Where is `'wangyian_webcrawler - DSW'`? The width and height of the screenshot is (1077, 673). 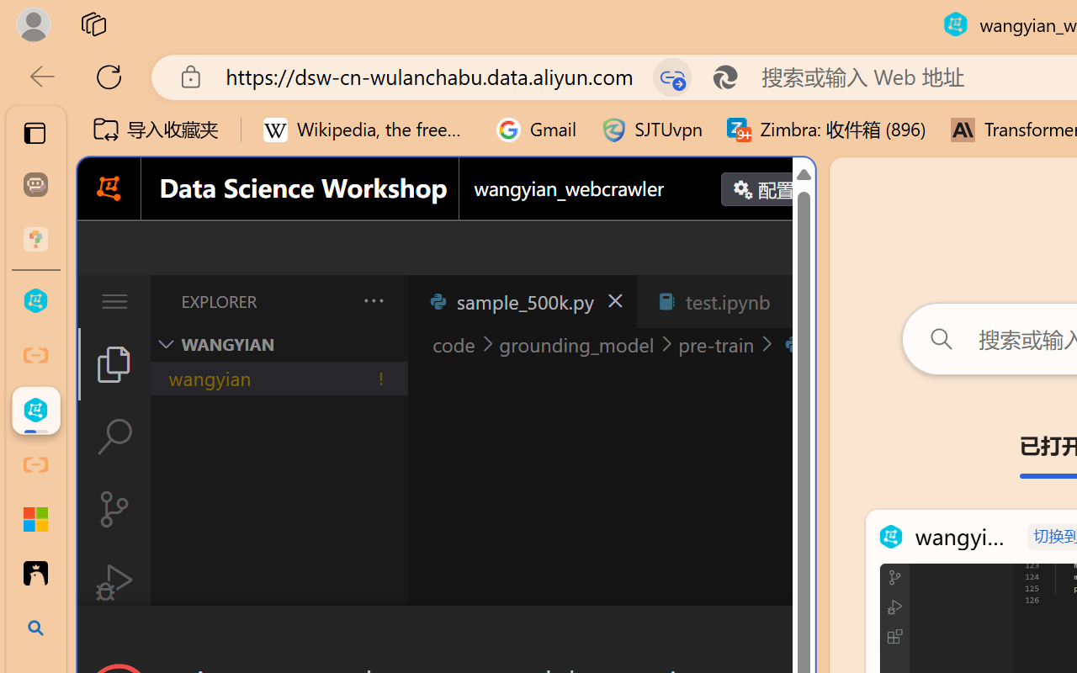
'wangyian_webcrawler - DSW' is located at coordinates (35, 411).